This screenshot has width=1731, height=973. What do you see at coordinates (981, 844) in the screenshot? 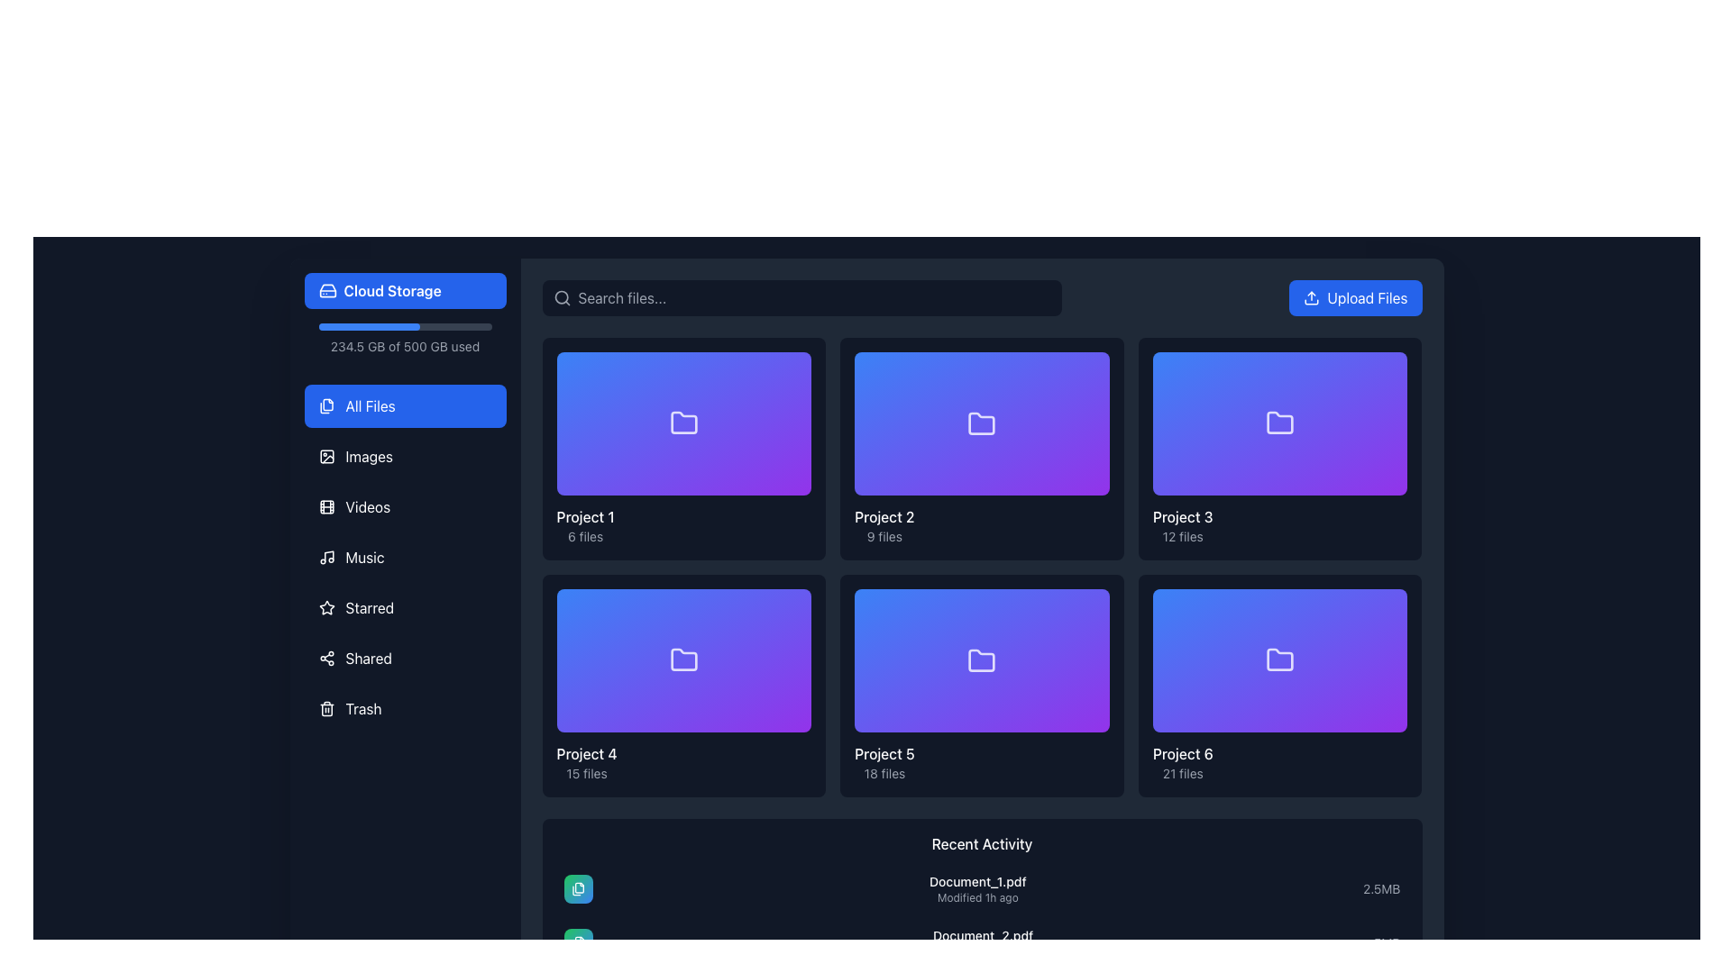
I see `the content of the text header displaying 'Recent Activity', which is styled in white on a dark background and located at the top of the recent activity section` at bounding box center [981, 844].